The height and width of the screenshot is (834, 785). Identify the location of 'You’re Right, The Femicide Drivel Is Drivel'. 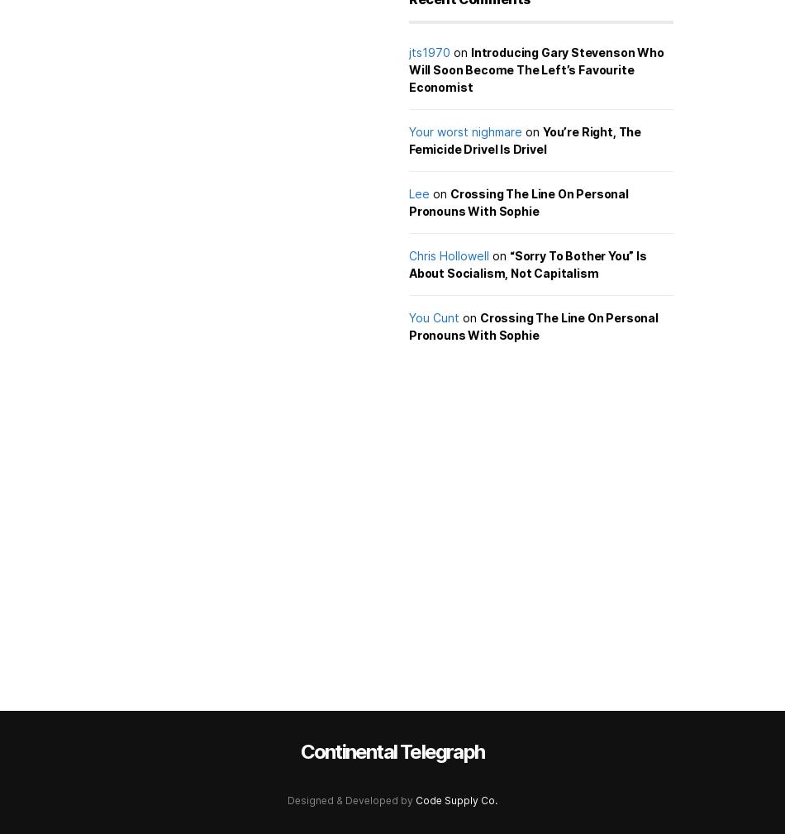
(525, 140).